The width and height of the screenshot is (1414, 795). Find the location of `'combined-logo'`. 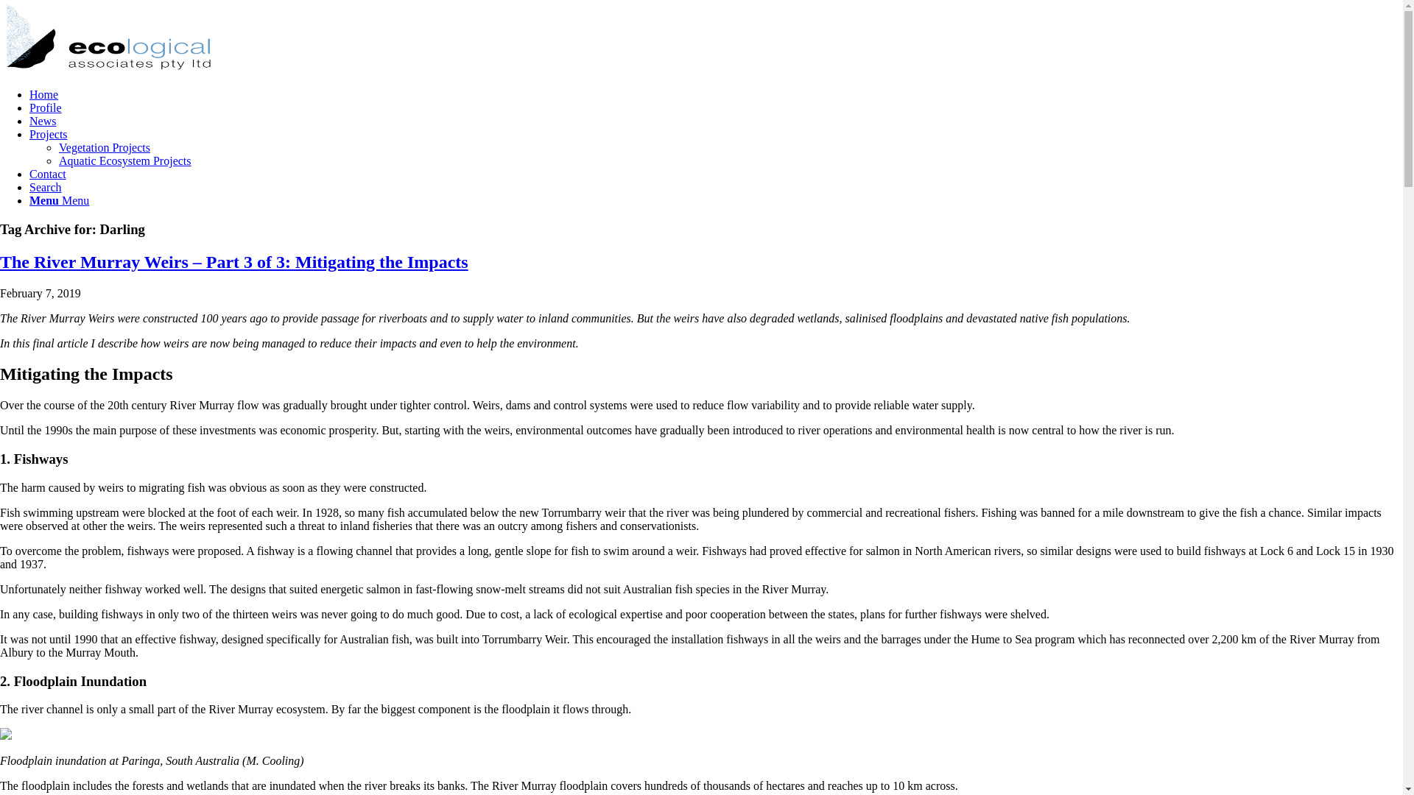

'combined-logo' is located at coordinates (109, 36).